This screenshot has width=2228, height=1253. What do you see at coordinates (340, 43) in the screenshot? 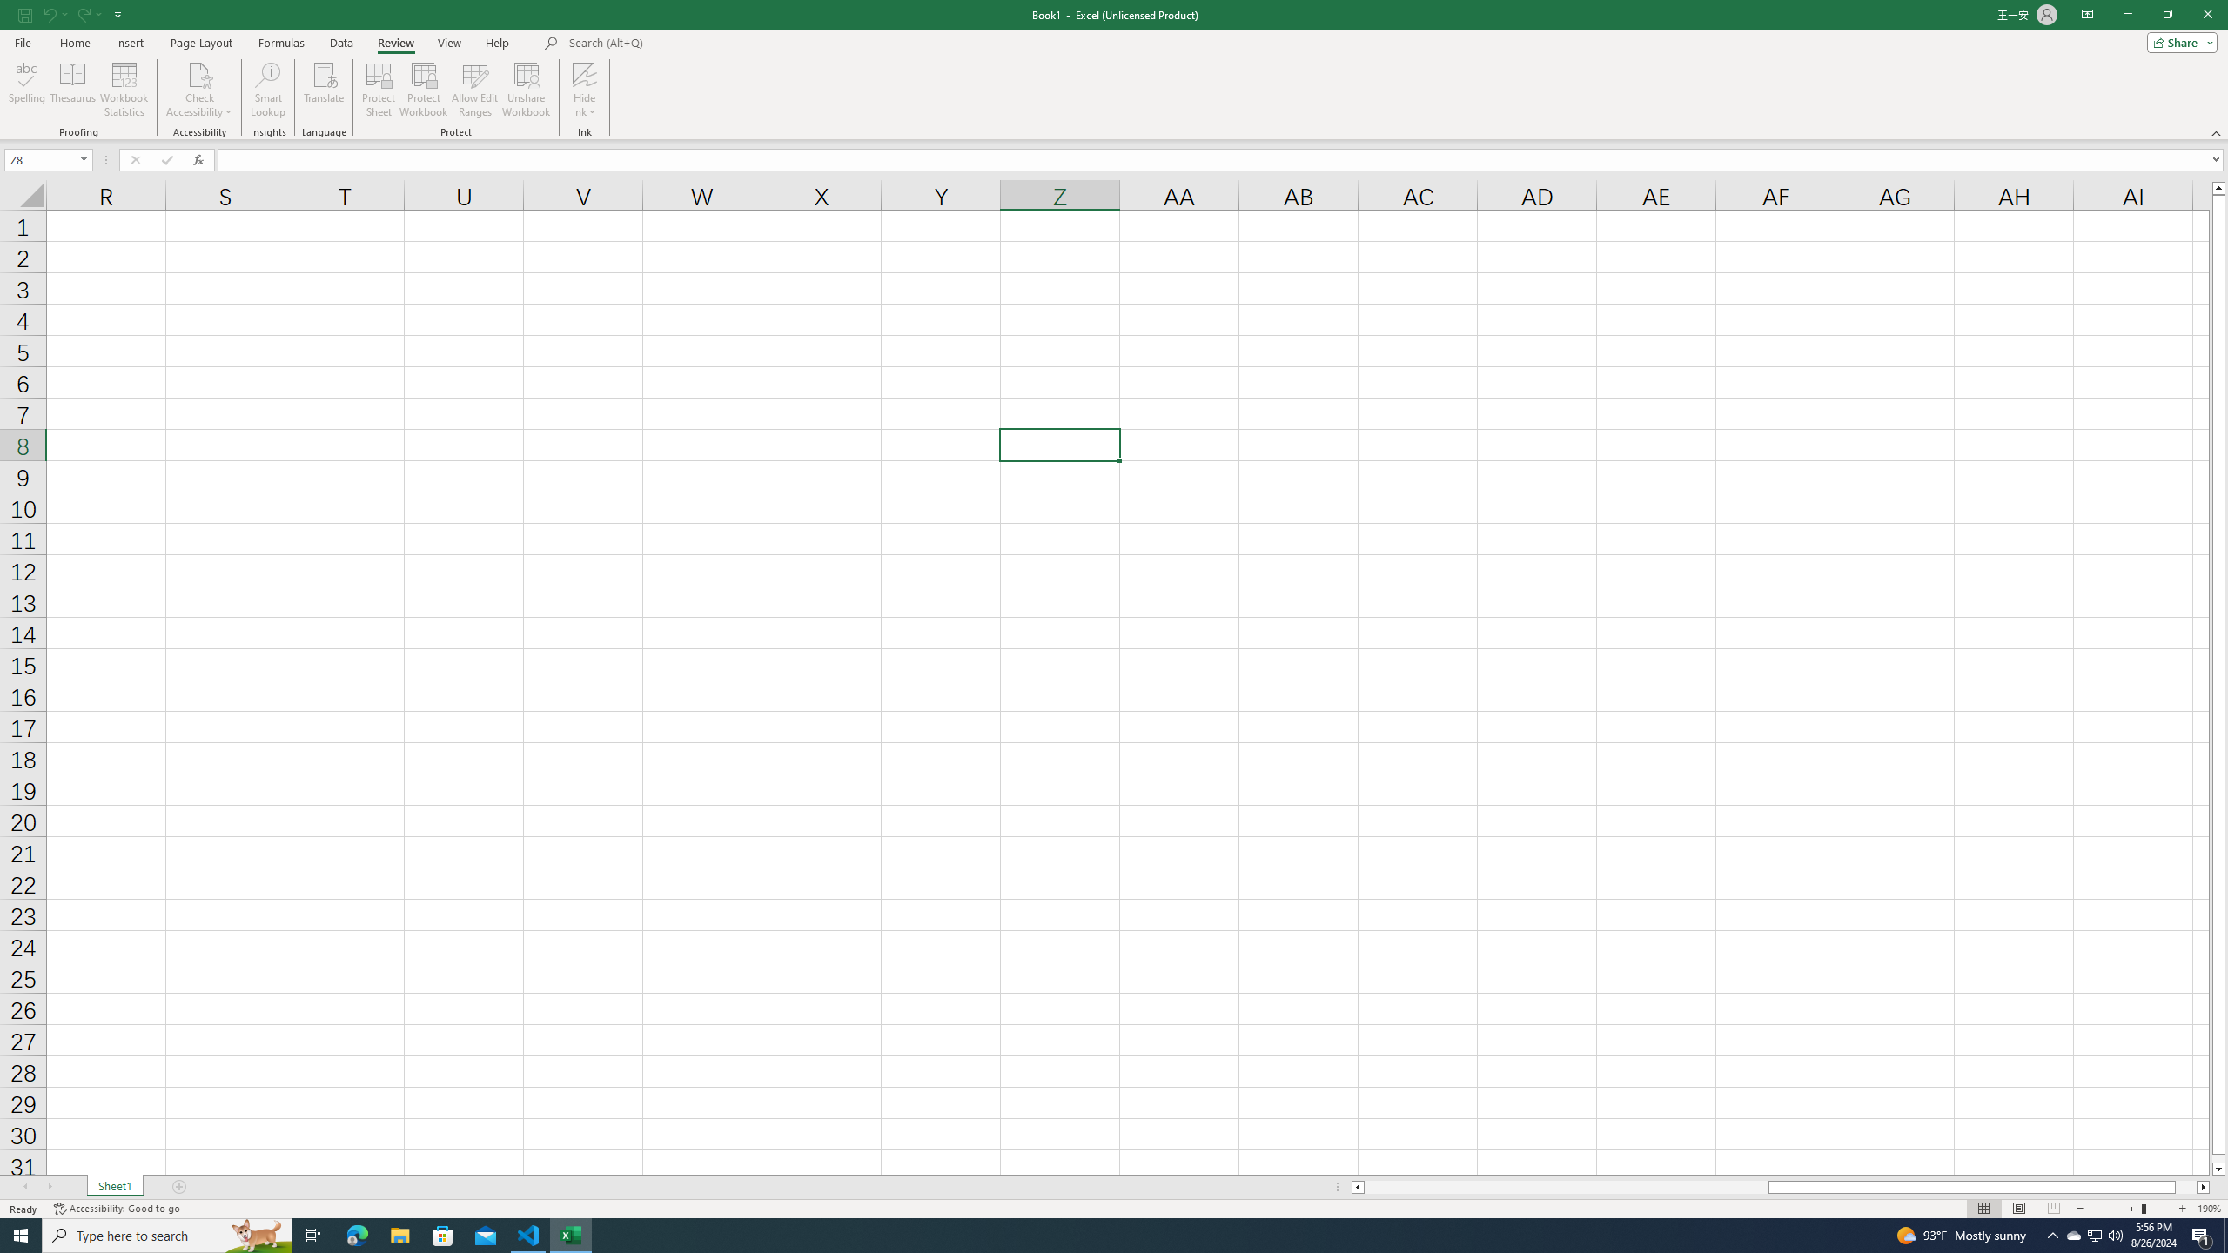
I see `'Data'` at bounding box center [340, 43].